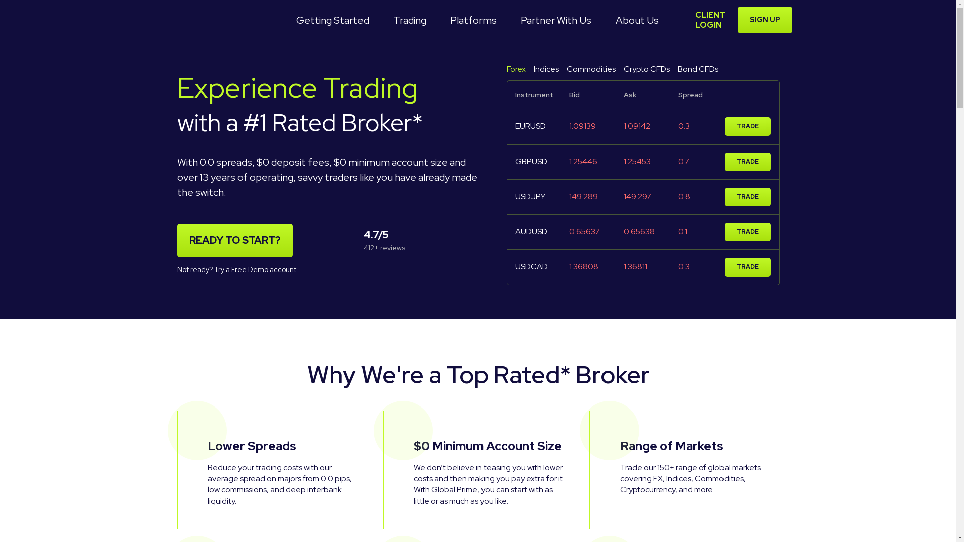 The image size is (964, 542). What do you see at coordinates (697, 69) in the screenshot?
I see `'Bond CFDs'` at bounding box center [697, 69].